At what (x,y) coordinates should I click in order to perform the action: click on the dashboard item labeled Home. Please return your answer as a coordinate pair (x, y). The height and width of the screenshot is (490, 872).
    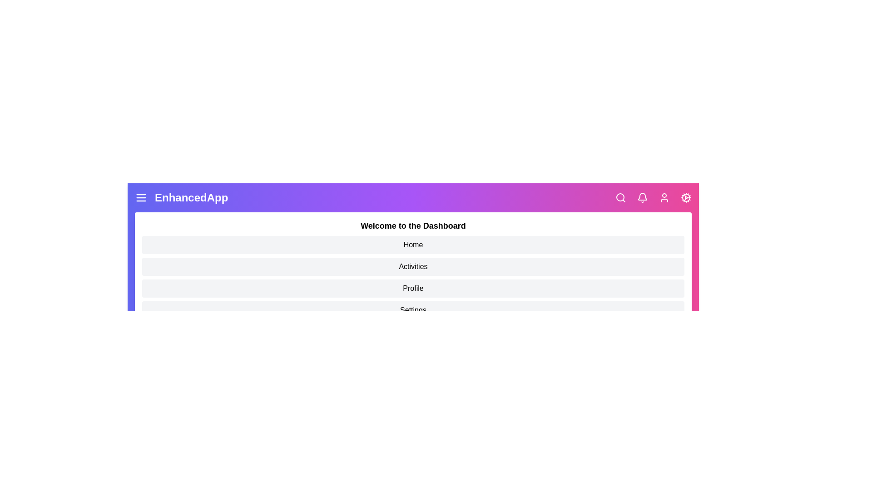
    Looking at the image, I should click on (413, 245).